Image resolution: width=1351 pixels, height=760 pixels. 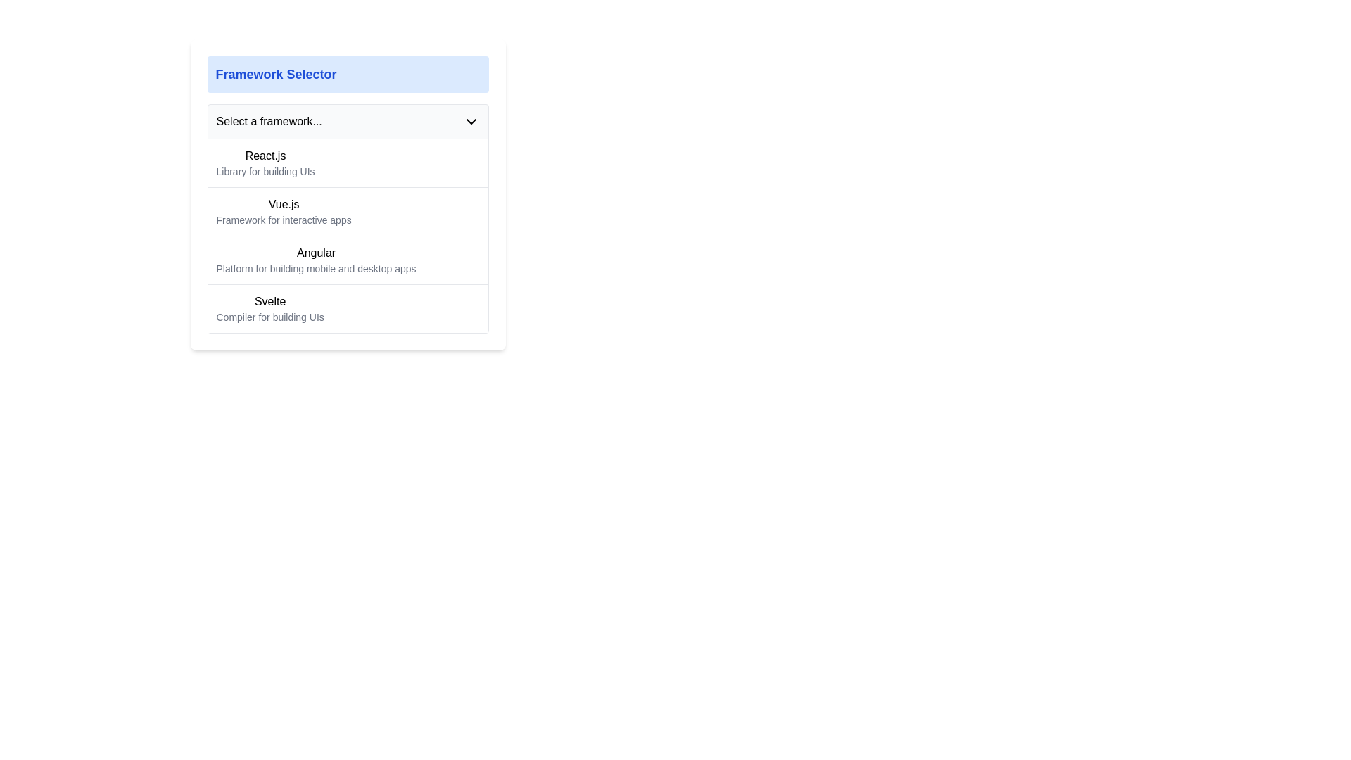 What do you see at coordinates (315, 260) in the screenshot?
I see `the second list item displaying 'Angular' in a larger font and 'Platform for building mobile and desktop apps' in a smaller font` at bounding box center [315, 260].